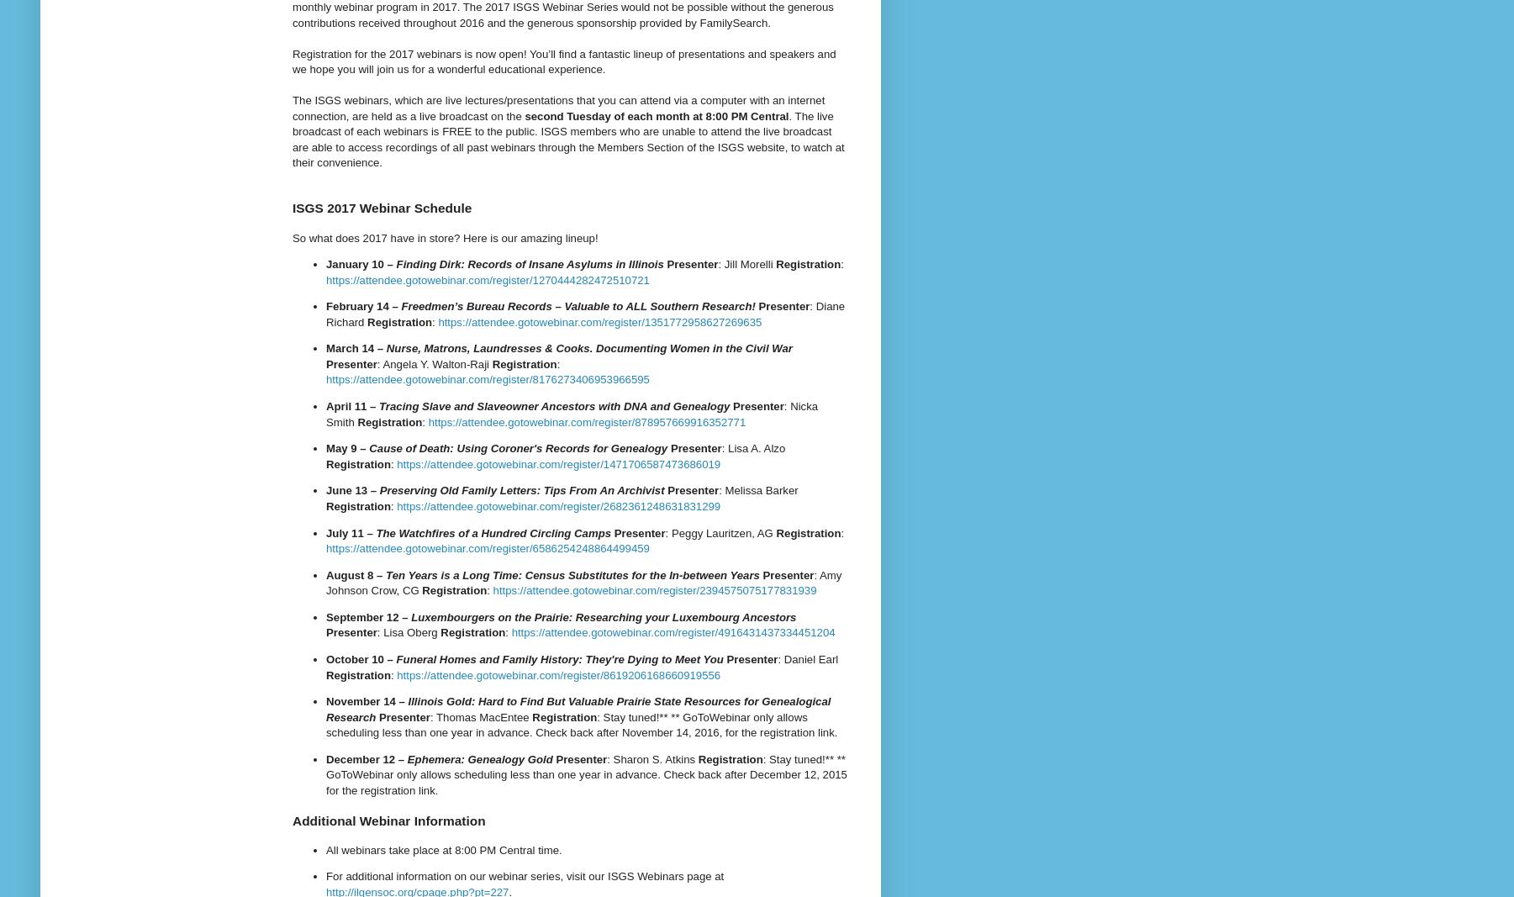  Describe the element at coordinates (377, 490) in the screenshot. I see `'Preserving Old Family Letters: Tips From An Archivist'` at that location.